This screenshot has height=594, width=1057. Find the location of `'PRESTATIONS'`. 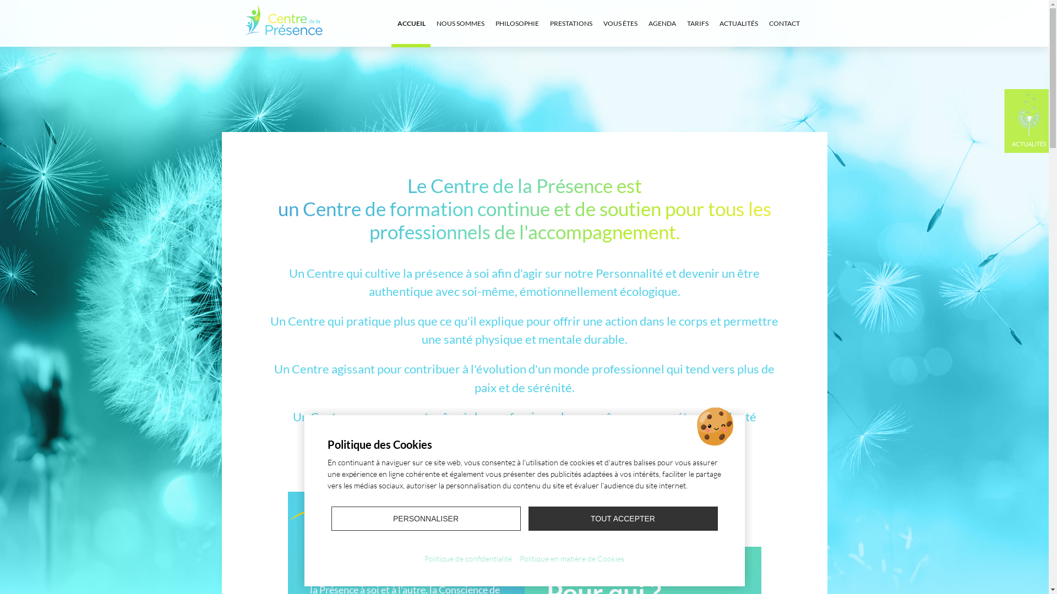

'PRESTATIONS' is located at coordinates (570, 23).